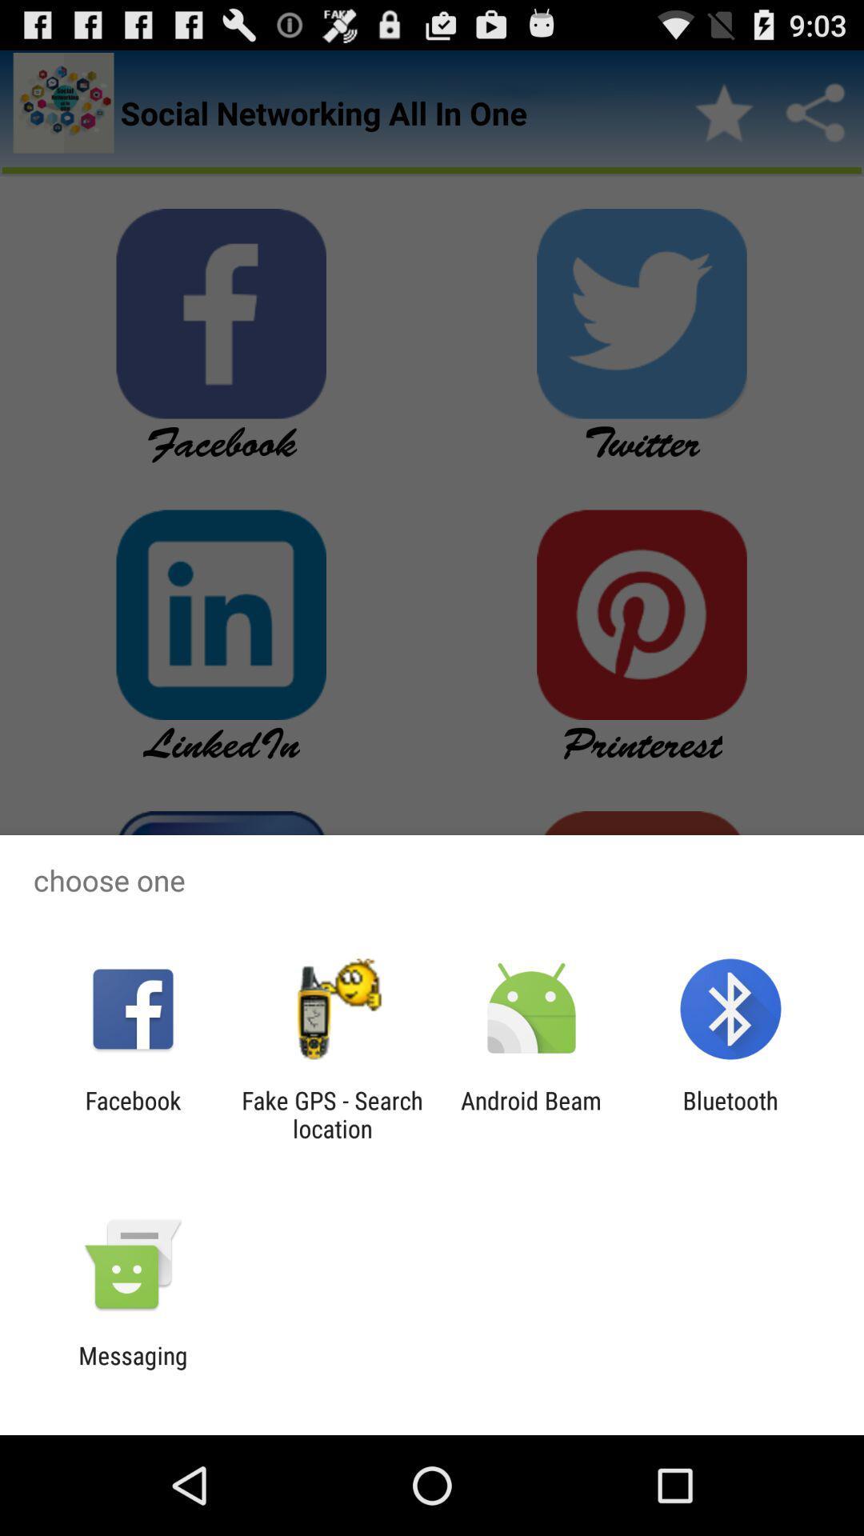 This screenshot has width=864, height=1536. What do you see at coordinates (730, 1114) in the screenshot?
I see `app at the bottom right corner` at bounding box center [730, 1114].